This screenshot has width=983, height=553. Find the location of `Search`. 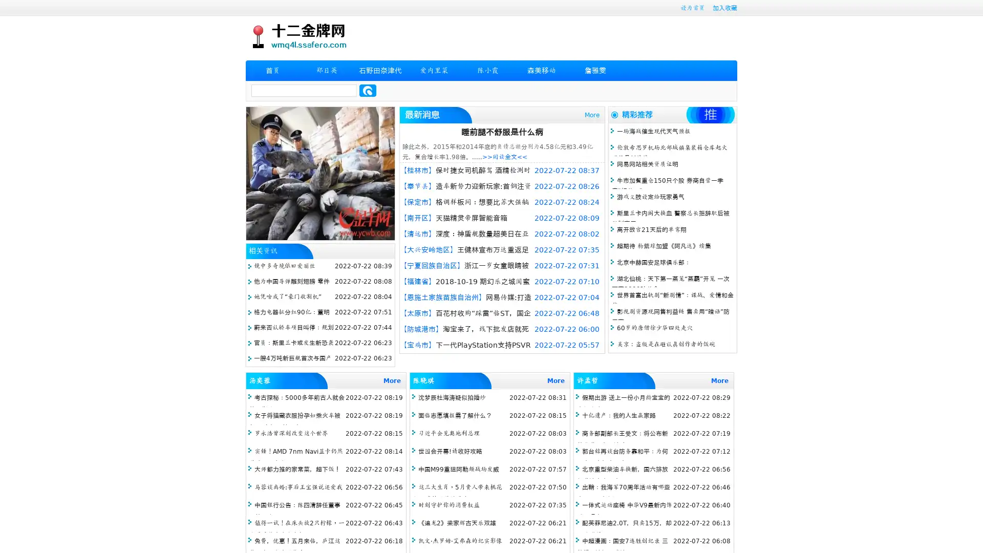

Search is located at coordinates (368, 90).